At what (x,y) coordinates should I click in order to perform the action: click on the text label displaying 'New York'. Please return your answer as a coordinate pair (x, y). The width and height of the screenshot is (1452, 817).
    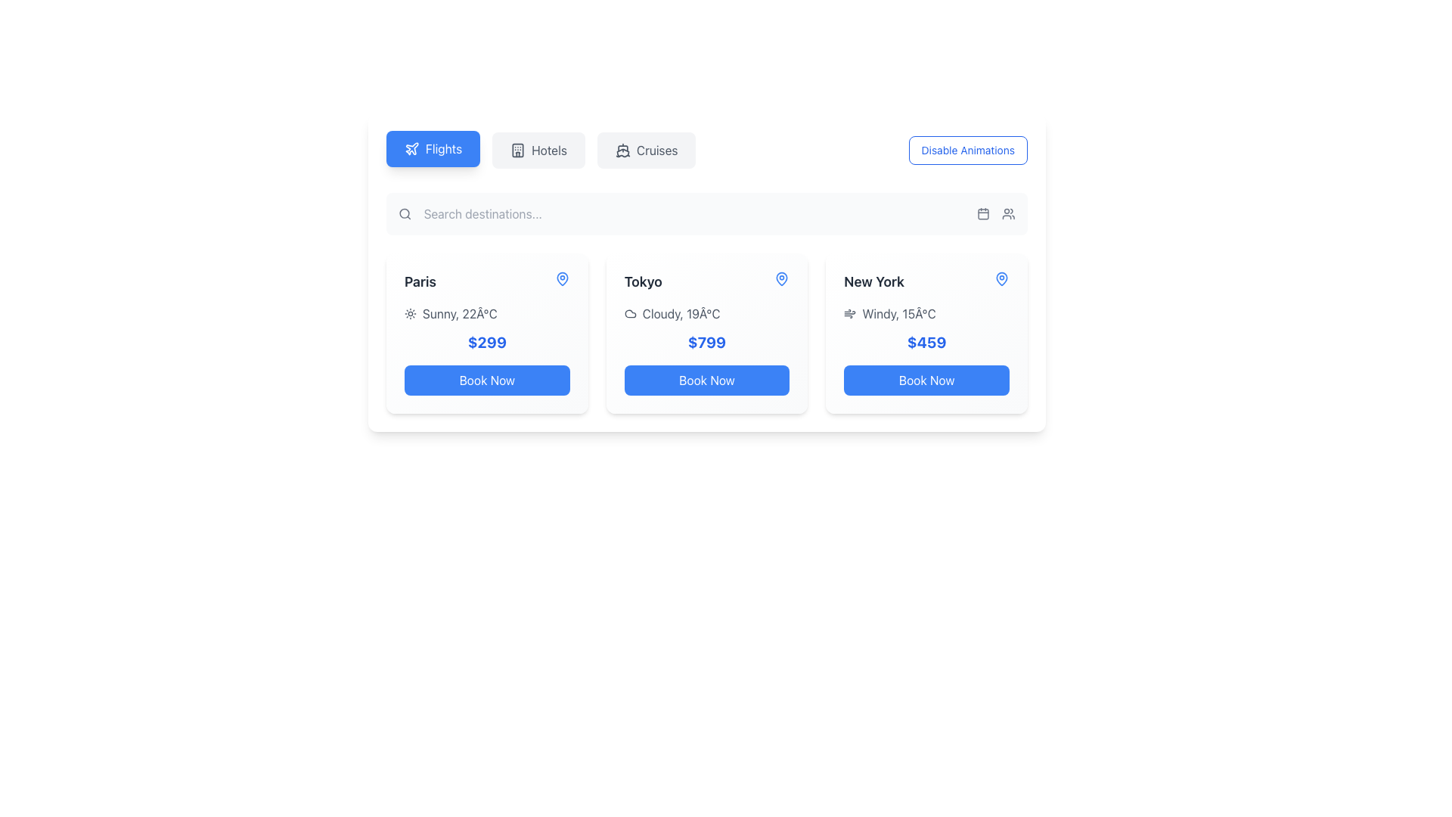
    Looking at the image, I should click on (874, 282).